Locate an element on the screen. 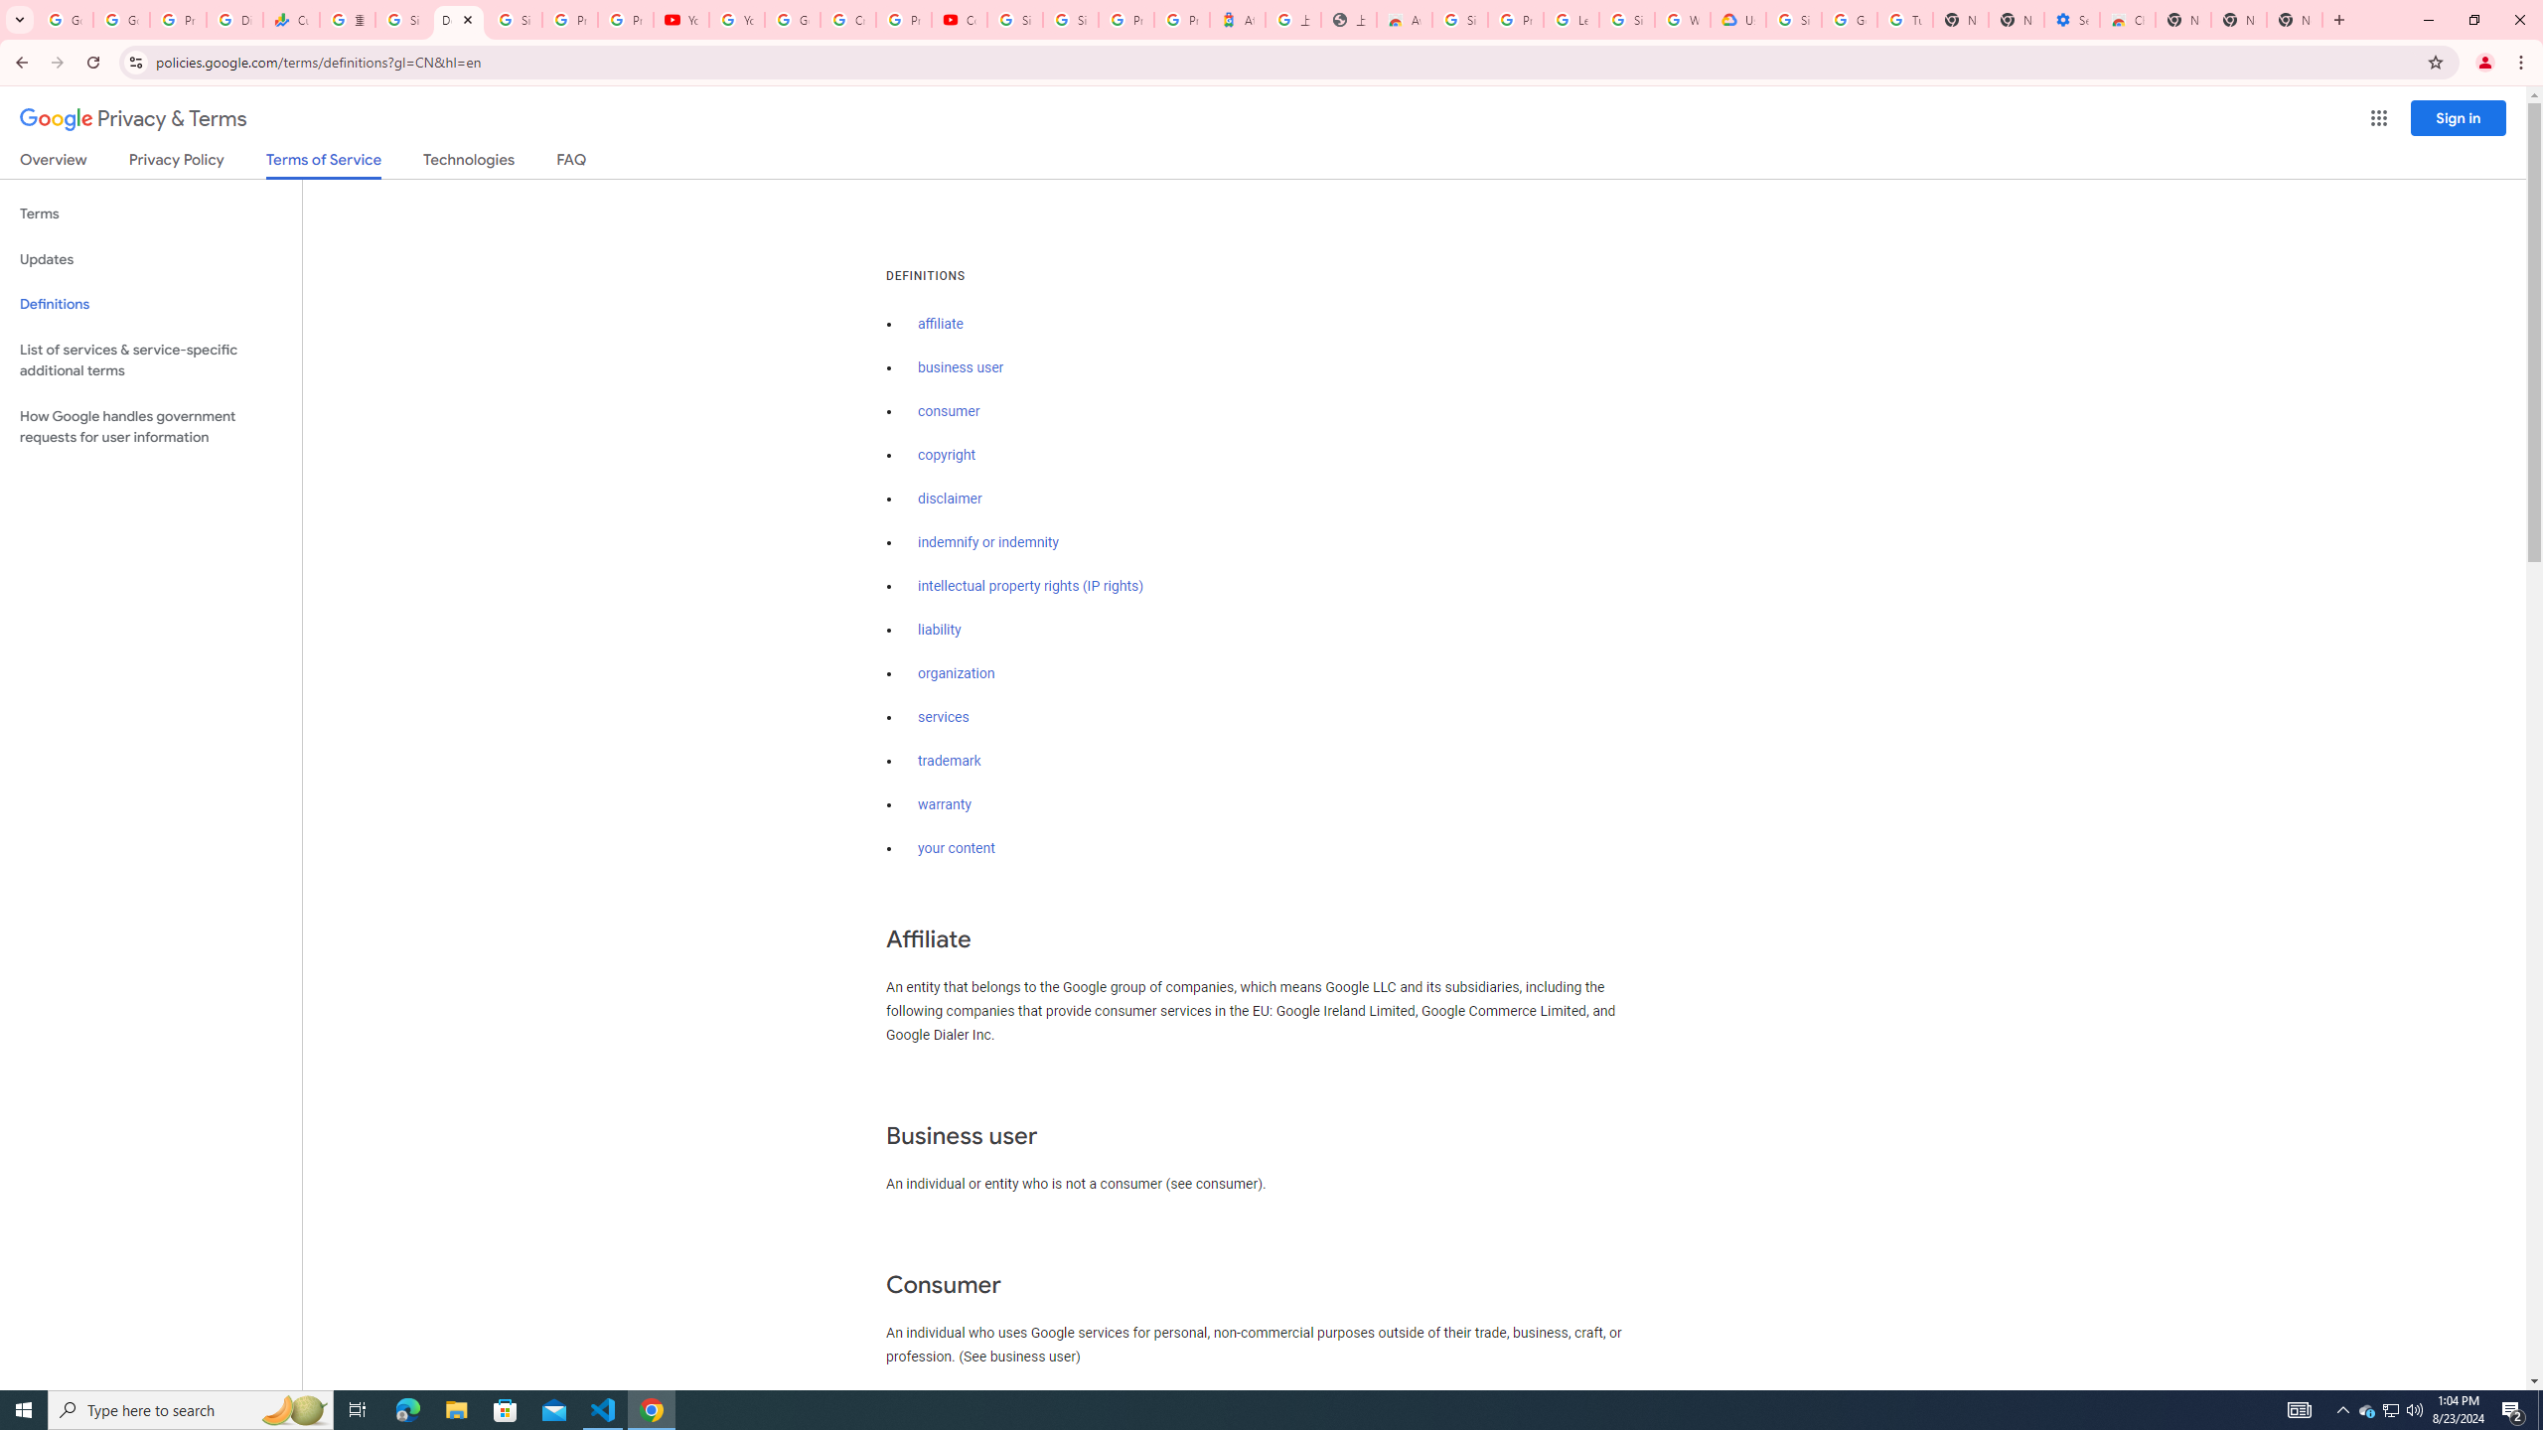 This screenshot has width=2543, height=1430. 'organization' is located at coordinates (956, 672).